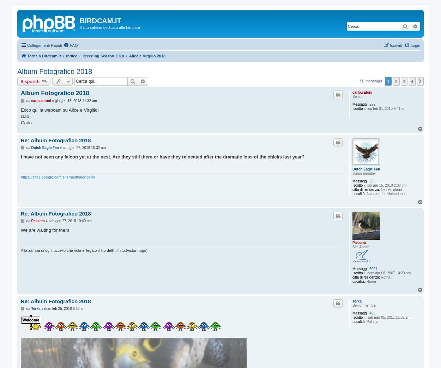  Describe the element at coordinates (45, 230) in the screenshot. I see `'We are waiting  for them'` at that location.